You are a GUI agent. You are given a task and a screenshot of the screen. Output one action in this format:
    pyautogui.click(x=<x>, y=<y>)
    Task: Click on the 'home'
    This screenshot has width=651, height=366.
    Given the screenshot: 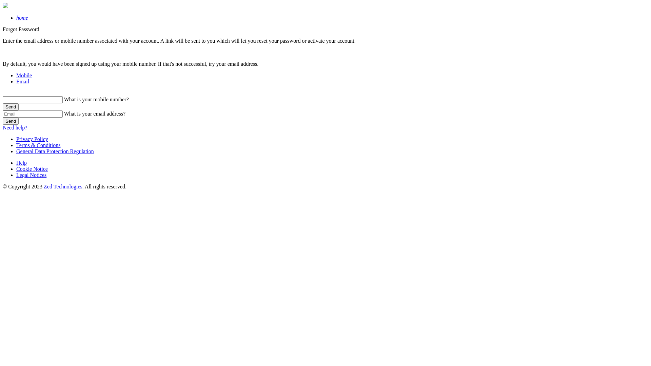 What is the action you would take?
    pyautogui.click(x=22, y=17)
    